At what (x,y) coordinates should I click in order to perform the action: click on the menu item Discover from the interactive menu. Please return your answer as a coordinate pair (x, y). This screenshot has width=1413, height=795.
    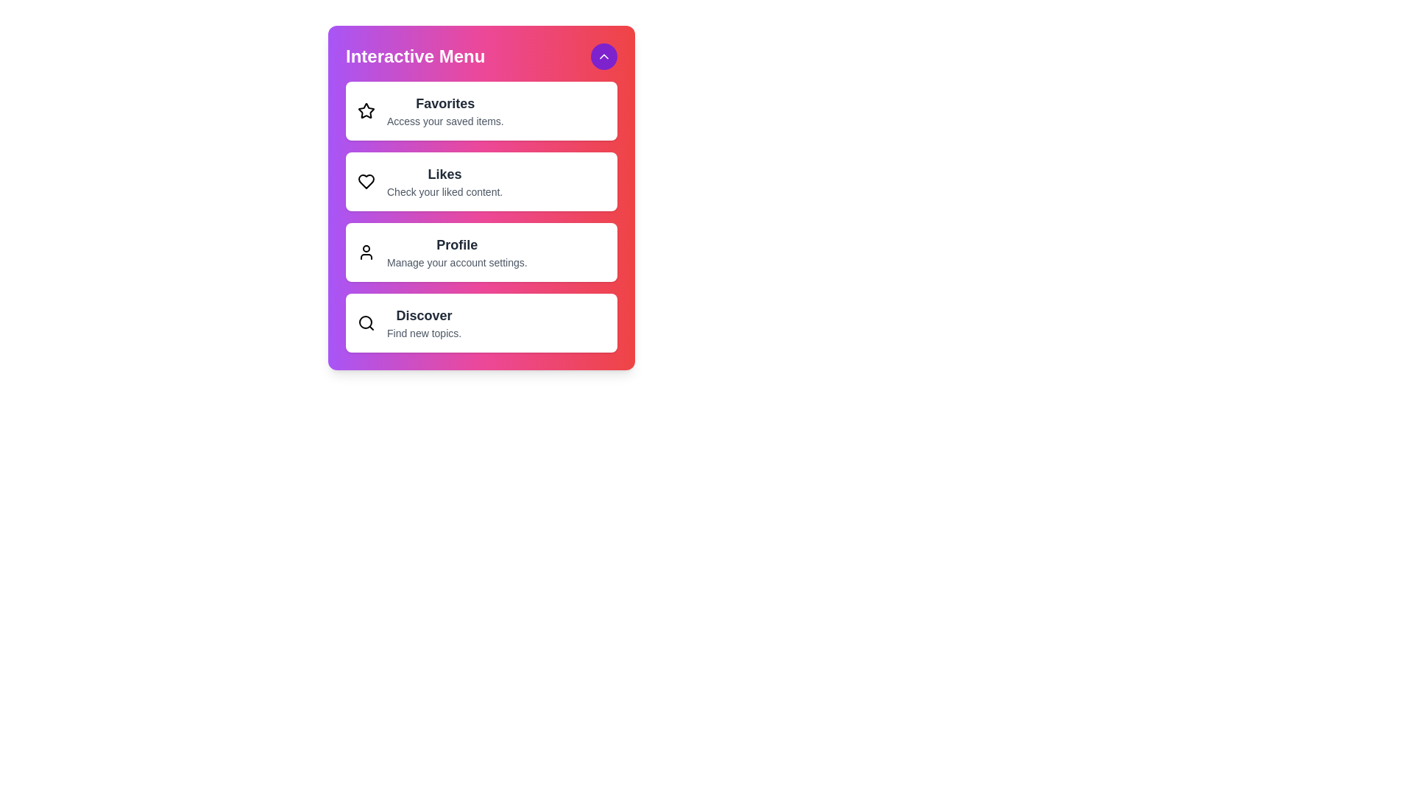
    Looking at the image, I should click on (481, 322).